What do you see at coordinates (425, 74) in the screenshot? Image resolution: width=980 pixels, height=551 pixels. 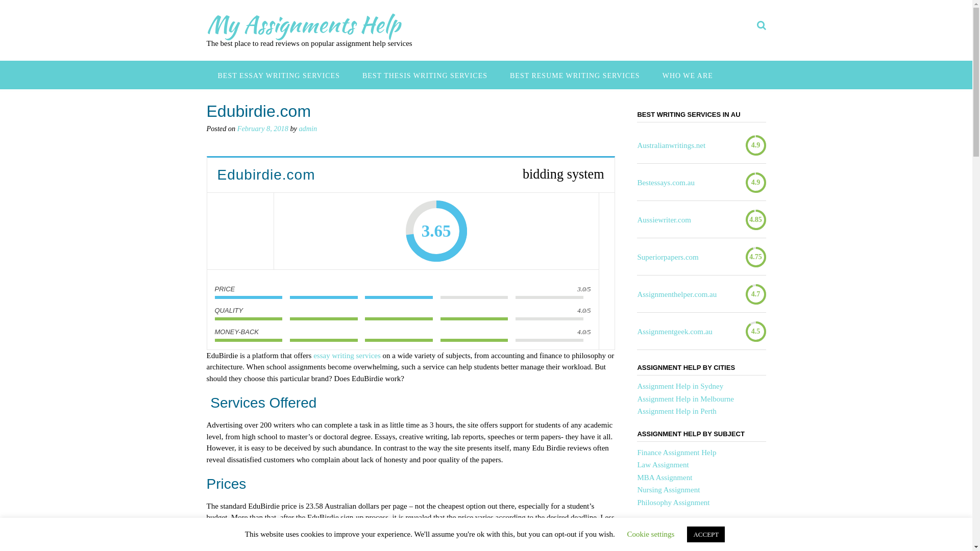 I see `'BEST THESIS WRITING SERVICES'` at bounding box center [425, 74].